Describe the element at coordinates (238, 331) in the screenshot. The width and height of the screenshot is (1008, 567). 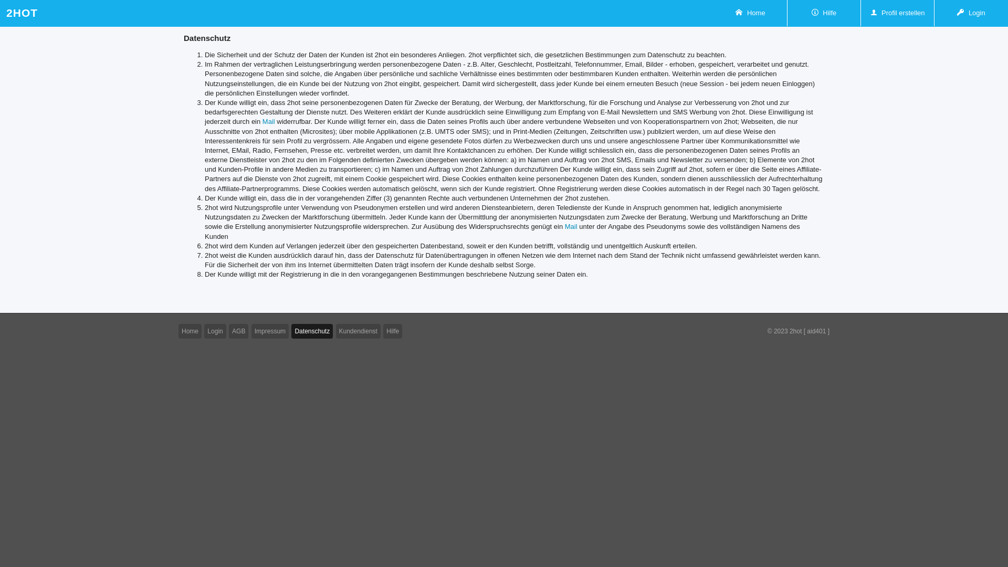
I see `'AGB'` at that location.